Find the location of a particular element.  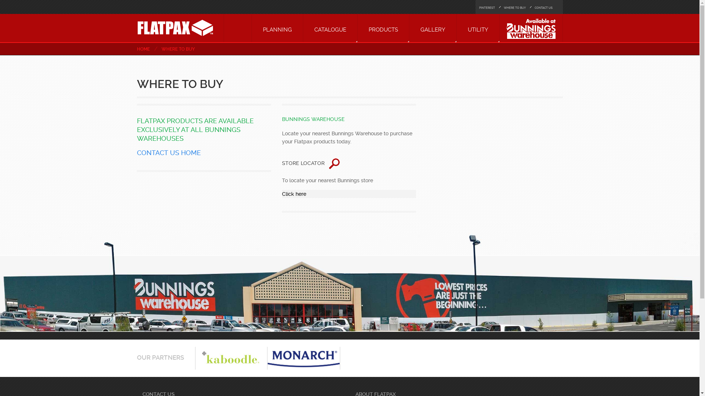

'PRODUCTS' is located at coordinates (383, 28).